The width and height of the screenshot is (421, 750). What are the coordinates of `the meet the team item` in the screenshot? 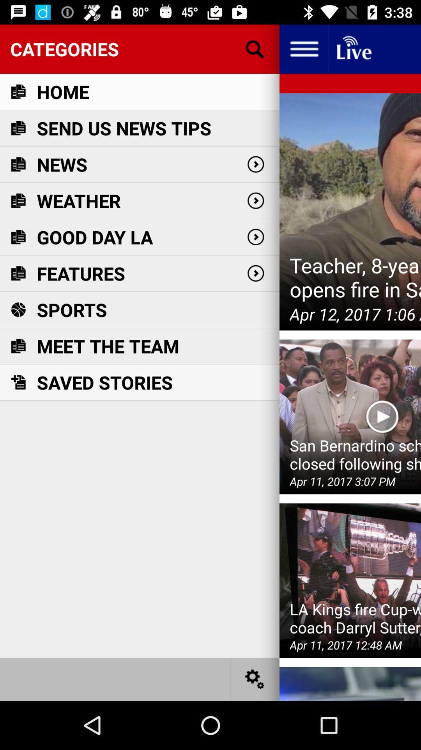 It's located at (108, 346).